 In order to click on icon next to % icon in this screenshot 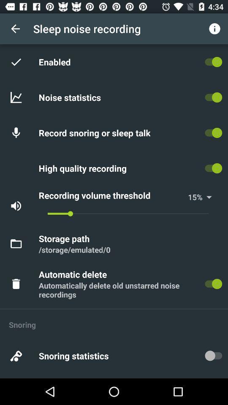, I will do `click(192, 197)`.